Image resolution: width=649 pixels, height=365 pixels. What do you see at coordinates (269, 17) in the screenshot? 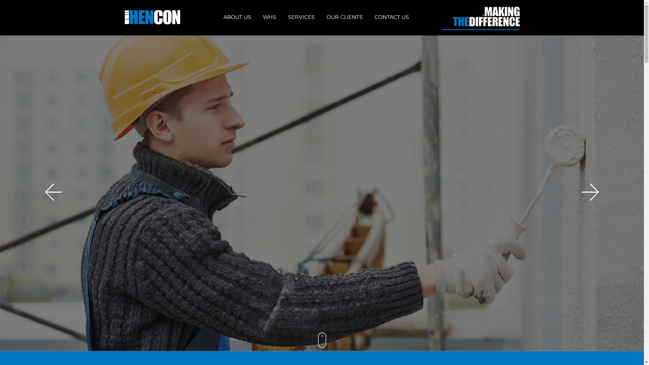
I see `'WHS'` at bounding box center [269, 17].